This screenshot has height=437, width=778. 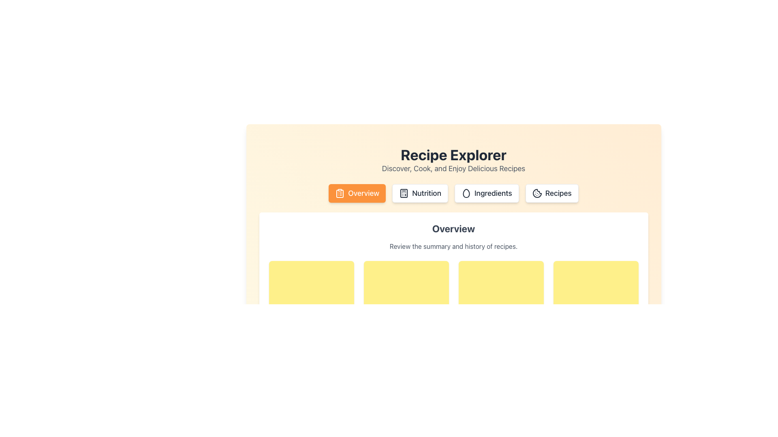 What do you see at coordinates (466, 193) in the screenshot?
I see `the hollow egg icon located in the 'Ingredients' button, positioned between the 'Nutrition' and 'Recipes' buttons at the center-top of the interface` at bounding box center [466, 193].